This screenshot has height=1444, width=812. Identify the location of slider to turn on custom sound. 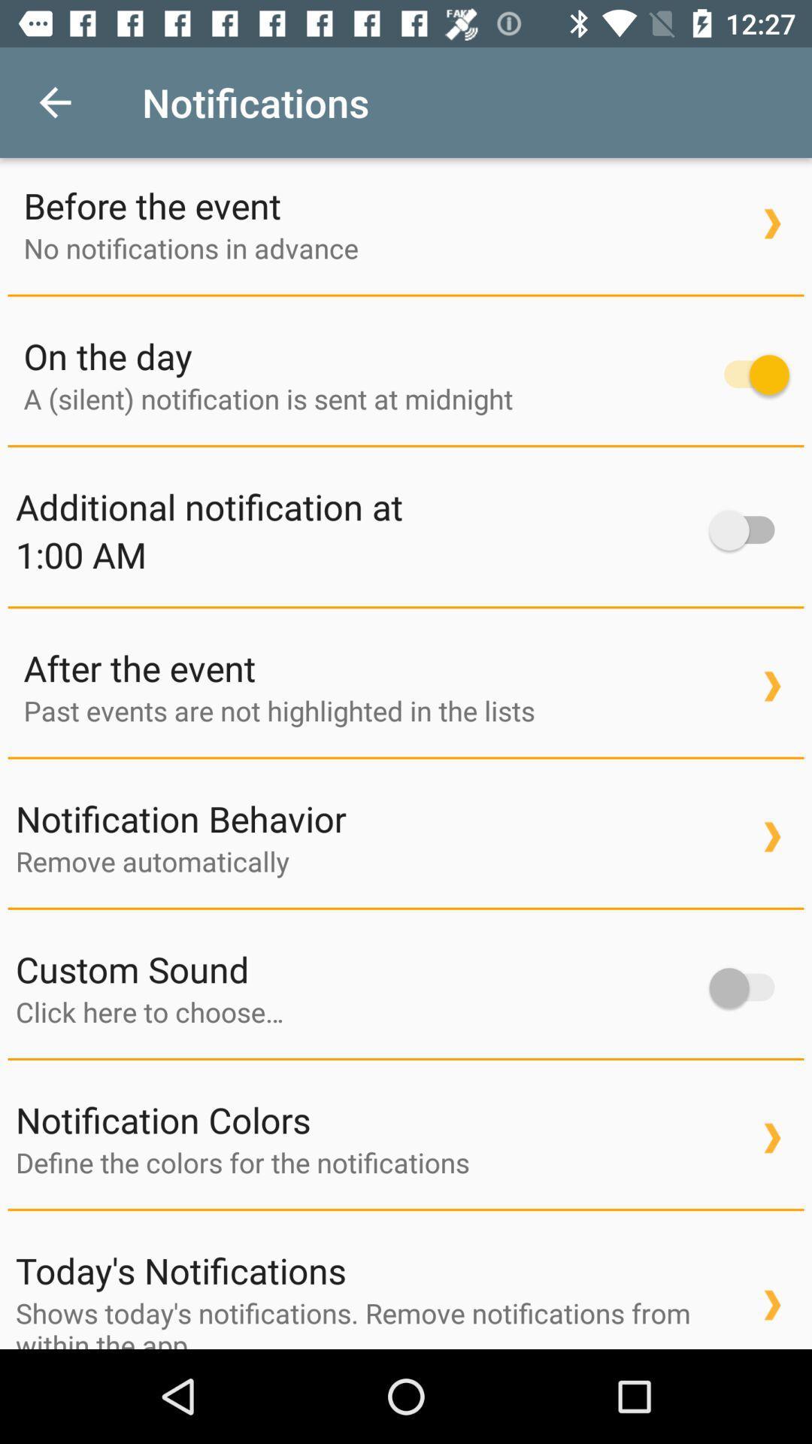
(749, 987).